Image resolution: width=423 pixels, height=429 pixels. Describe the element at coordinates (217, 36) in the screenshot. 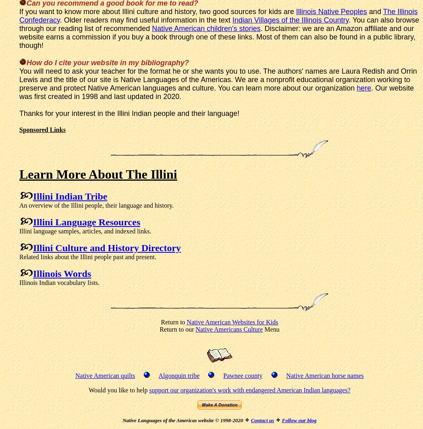

I see `'.
Disclaimer: we are an Amazon affiliate and our website earns a commission if you buy a book through one of these links.
Most of them can also be found in a public library, though!'` at that location.